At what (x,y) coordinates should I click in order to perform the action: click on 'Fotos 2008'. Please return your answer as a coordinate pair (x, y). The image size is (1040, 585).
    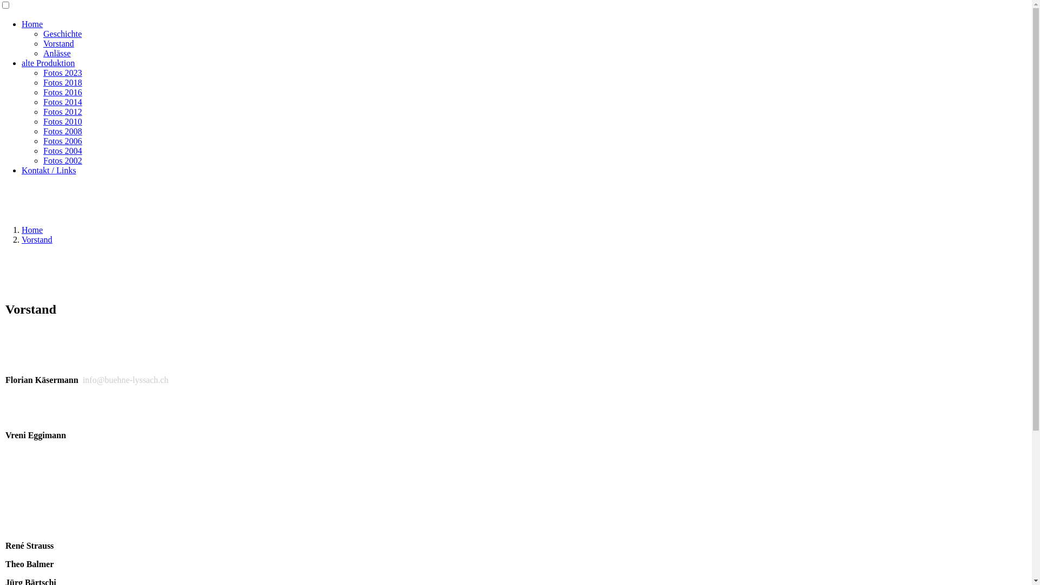
    Looking at the image, I should click on (62, 131).